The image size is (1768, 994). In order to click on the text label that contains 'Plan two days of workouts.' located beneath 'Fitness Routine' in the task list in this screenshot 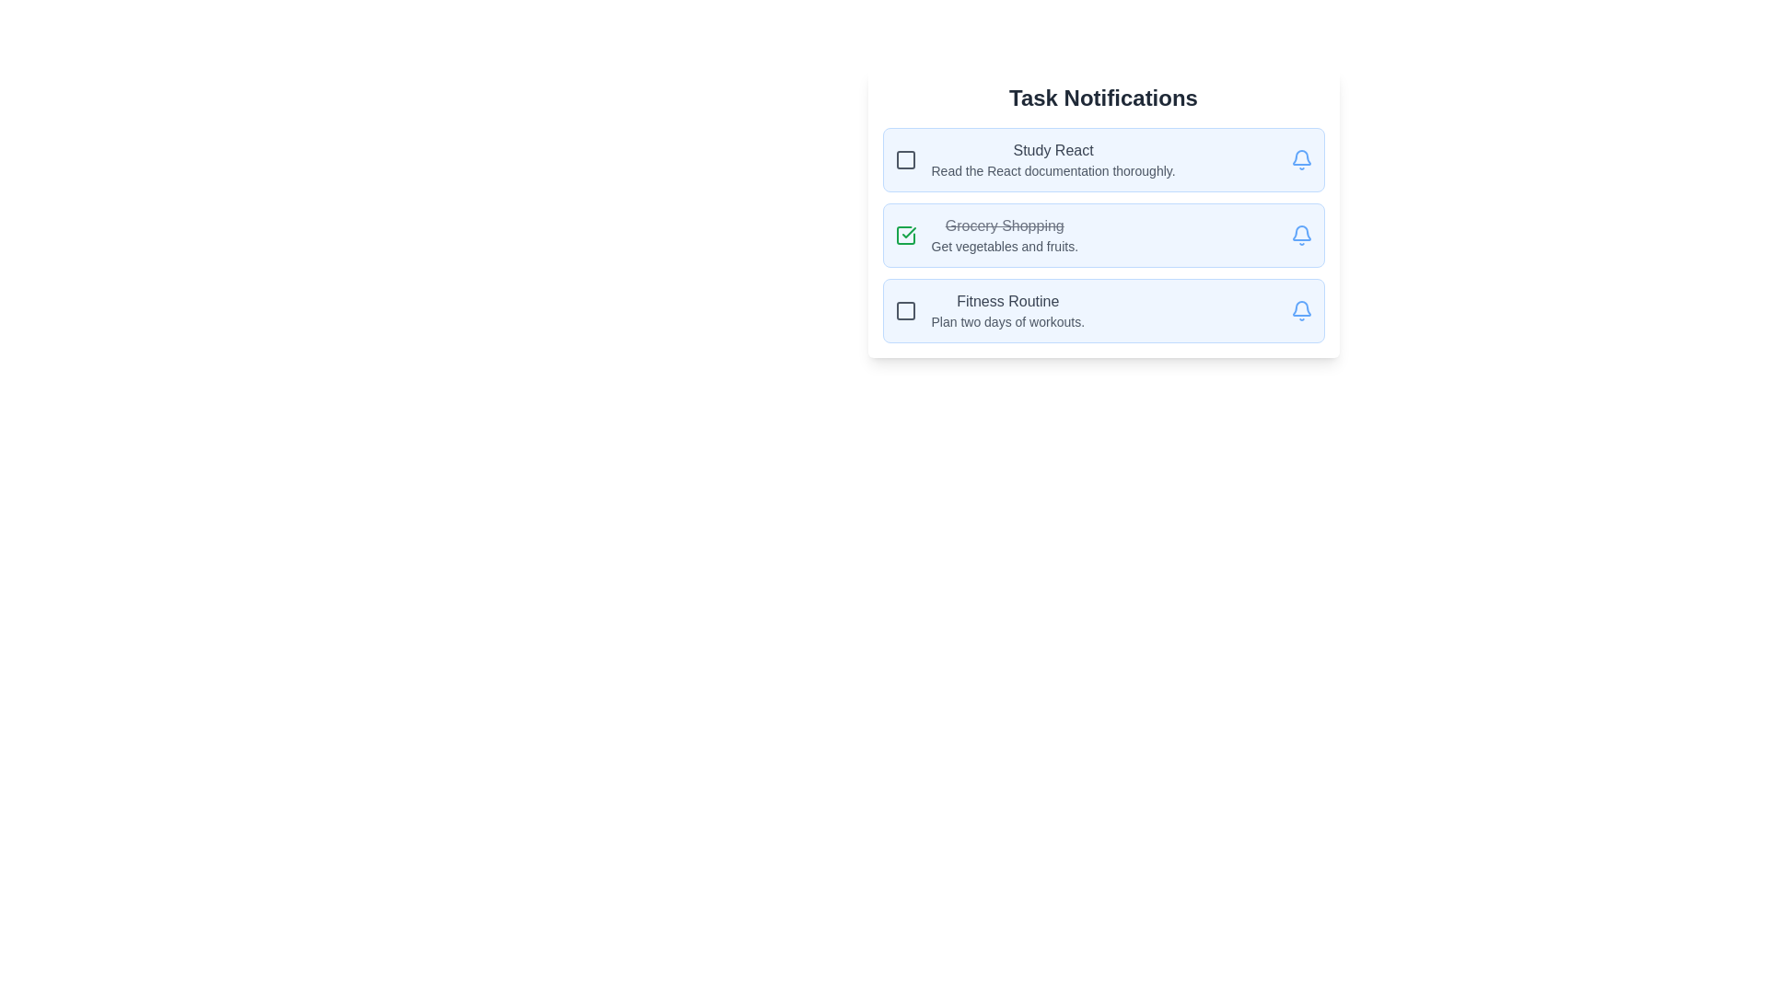, I will do `click(1006, 321)`.